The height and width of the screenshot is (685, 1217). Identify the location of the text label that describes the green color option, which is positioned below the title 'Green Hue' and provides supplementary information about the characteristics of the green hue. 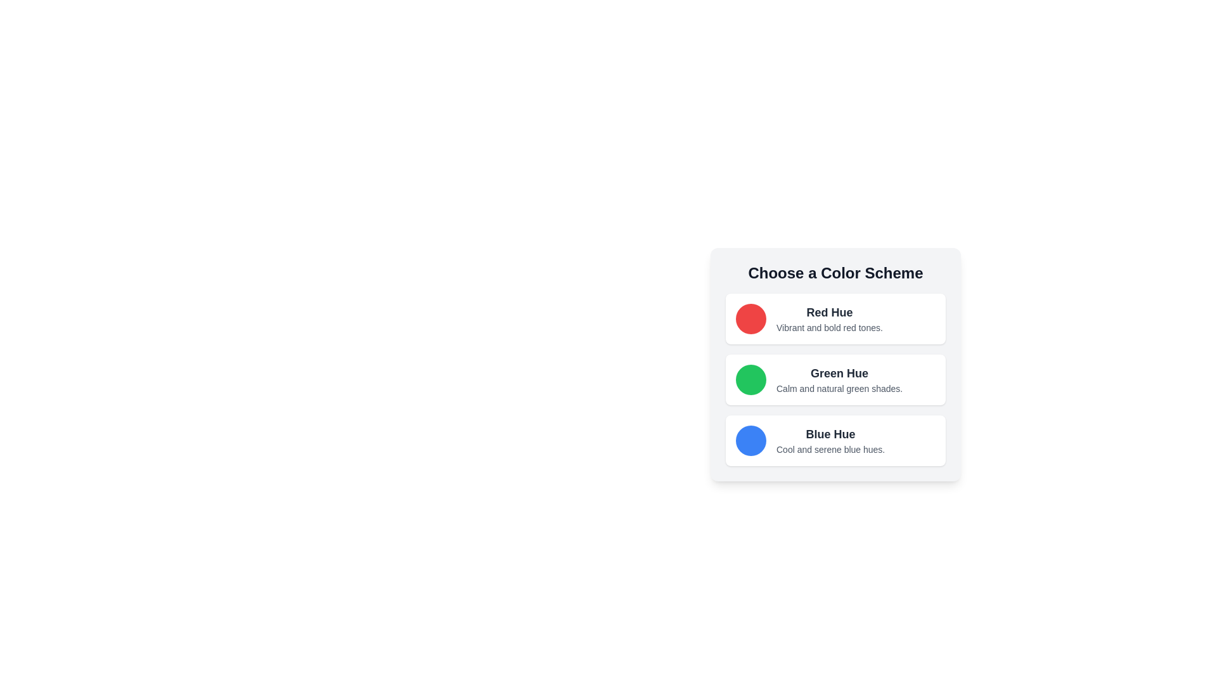
(839, 388).